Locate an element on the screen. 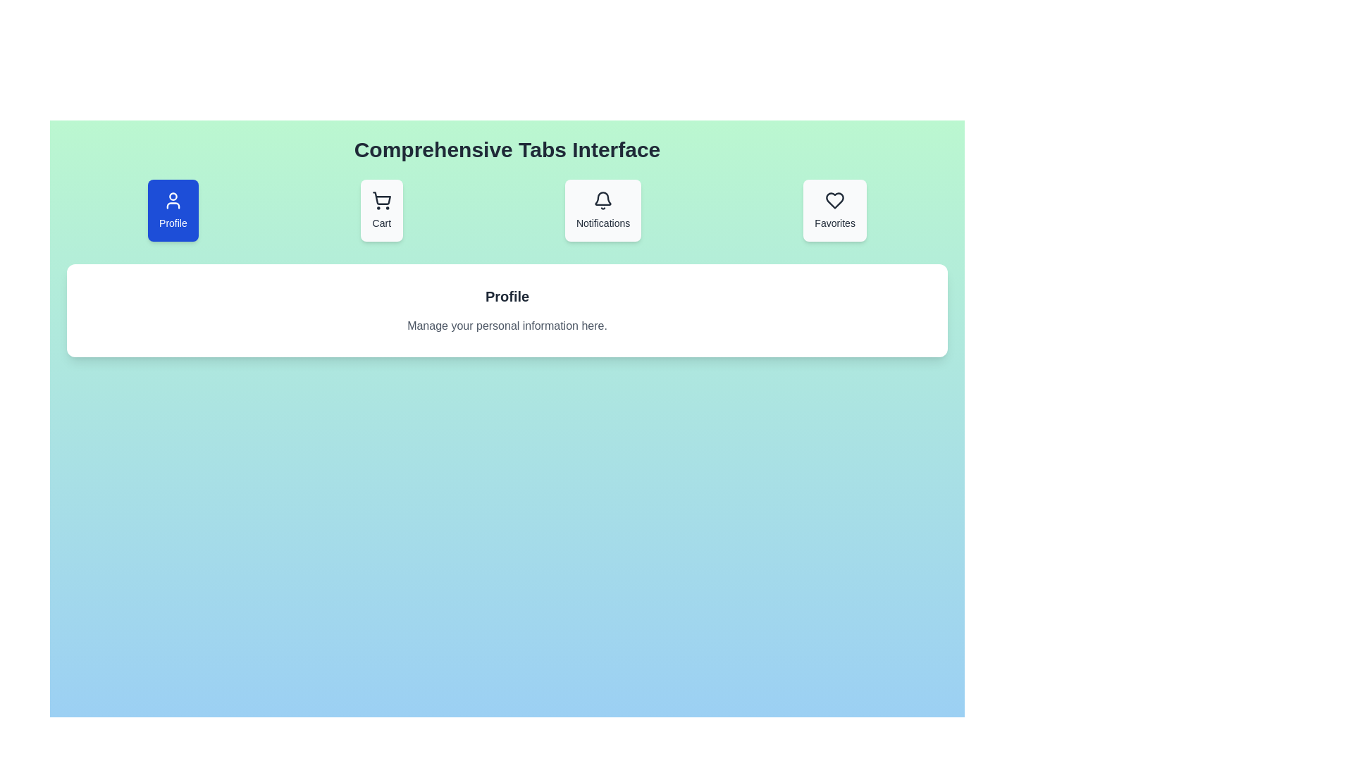  the heart icon within the 'Favorites' button located in the top-right corner of the UI is located at coordinates (835, 201).